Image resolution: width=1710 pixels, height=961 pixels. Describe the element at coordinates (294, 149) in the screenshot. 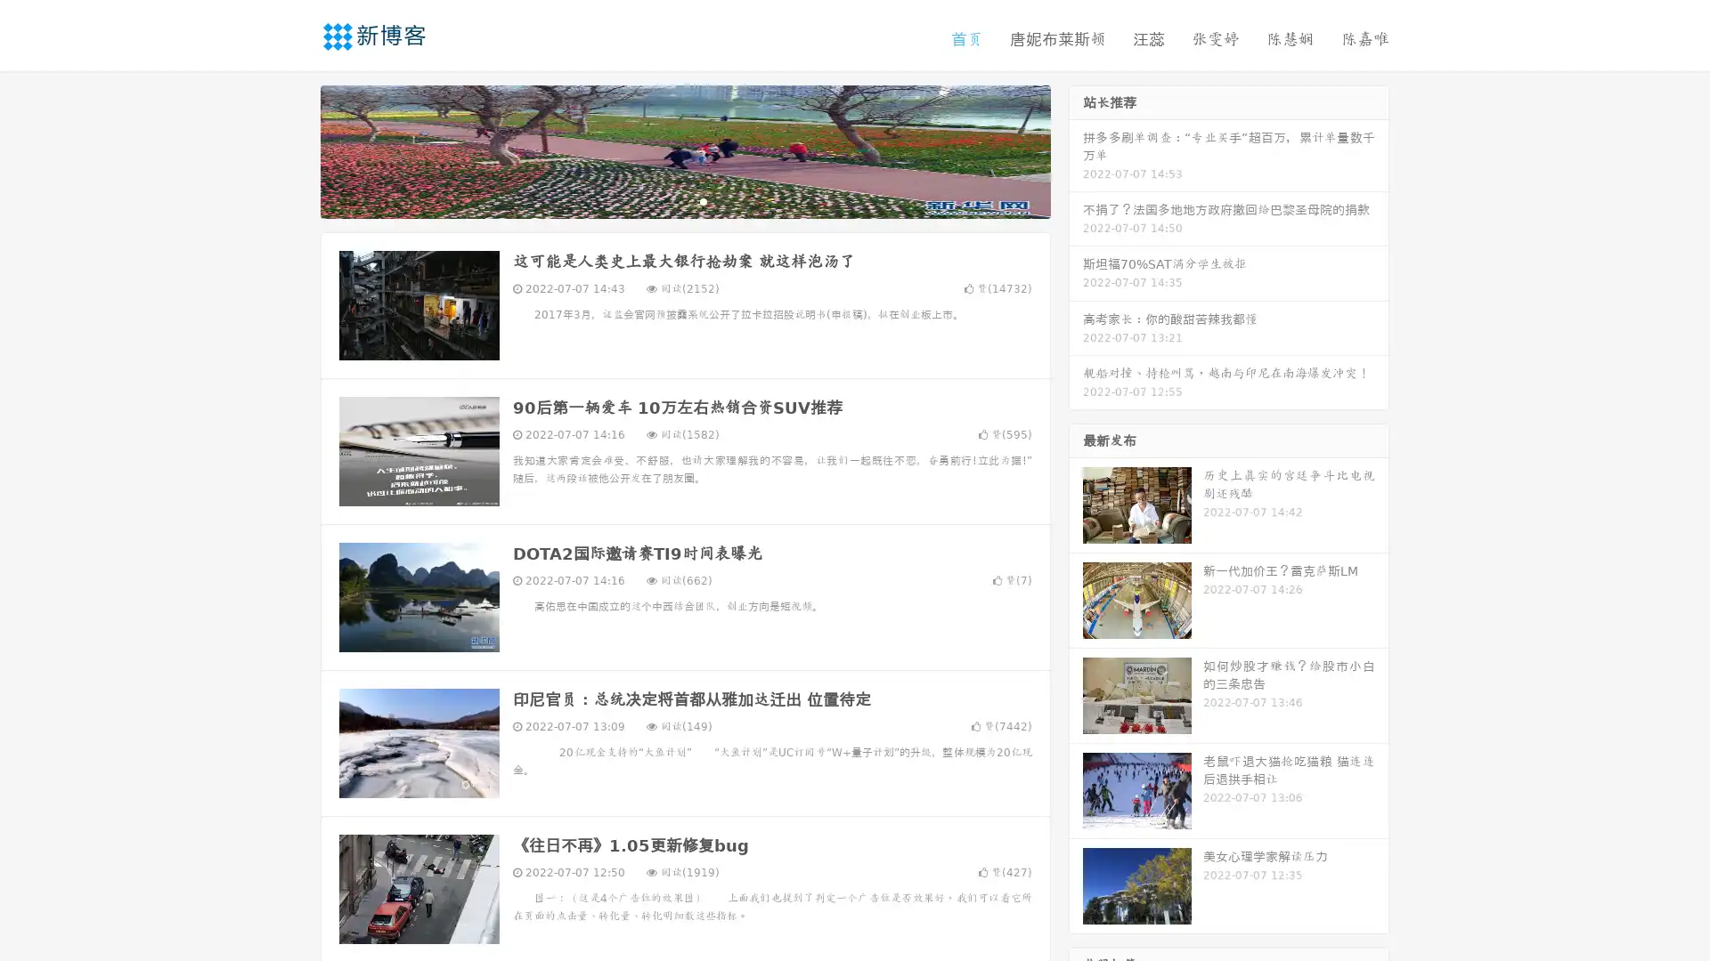

I see `Previous slide` at that location.